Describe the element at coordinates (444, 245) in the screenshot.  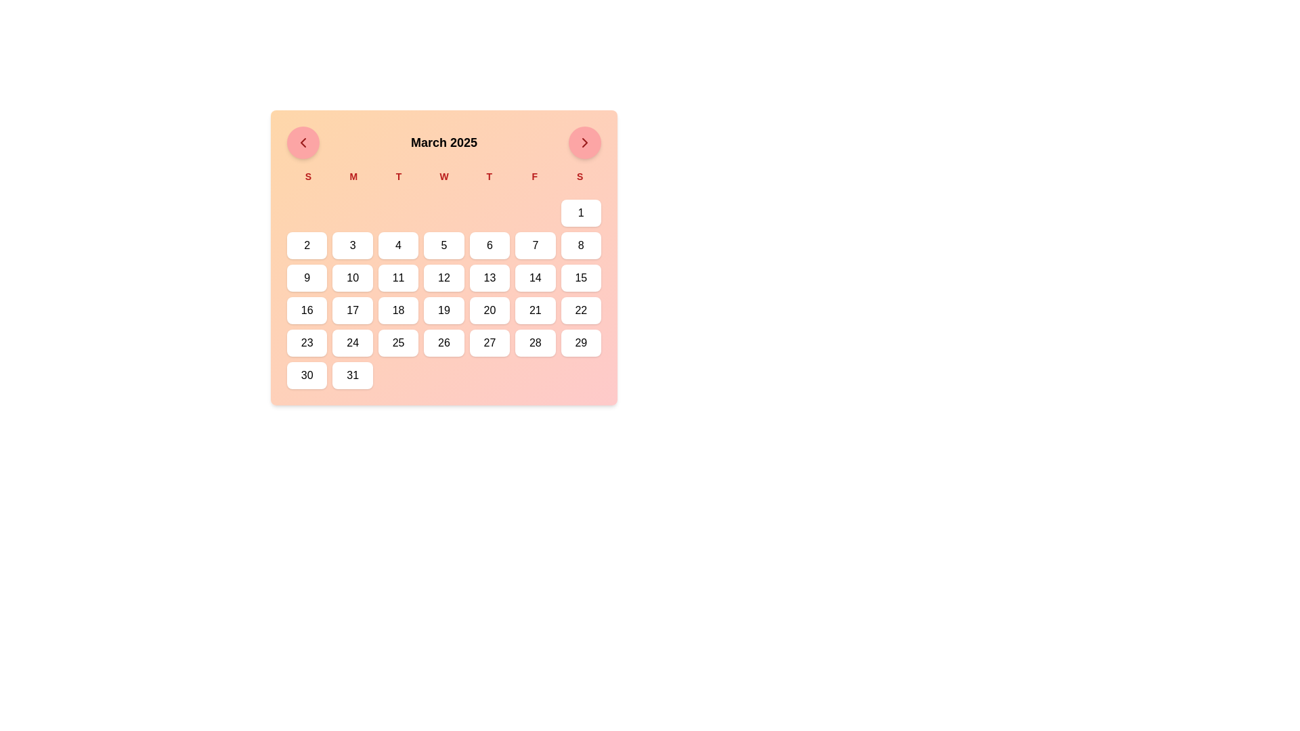
I see `the button representing the date 5th of March 2025` at that location.